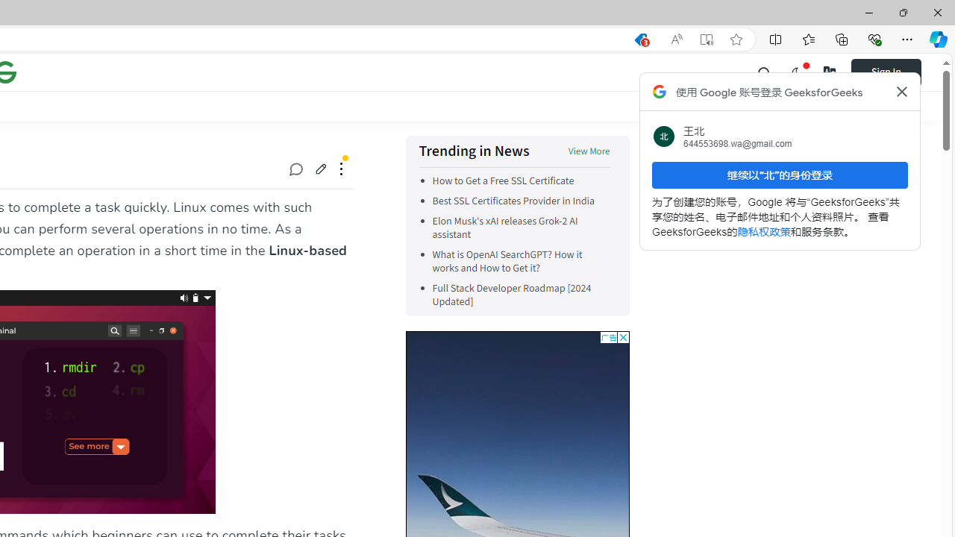 The height and width of the screenshot is (537, 955). Describe the element at coordinates (705, 39) in the screenshot. I see `'Enter Immersive Reader (F9)'` at that location.